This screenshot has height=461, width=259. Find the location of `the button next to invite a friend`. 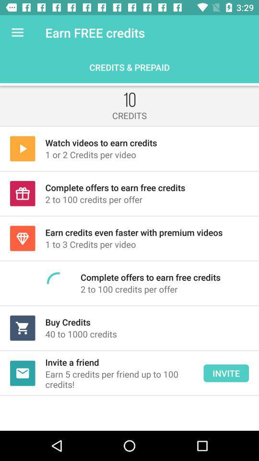

the button next to invite a friend is located at coordinates (226, 373).